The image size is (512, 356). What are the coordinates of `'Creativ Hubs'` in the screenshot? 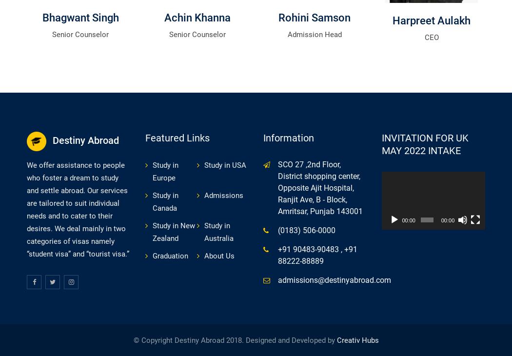 It's located at (357, 340).